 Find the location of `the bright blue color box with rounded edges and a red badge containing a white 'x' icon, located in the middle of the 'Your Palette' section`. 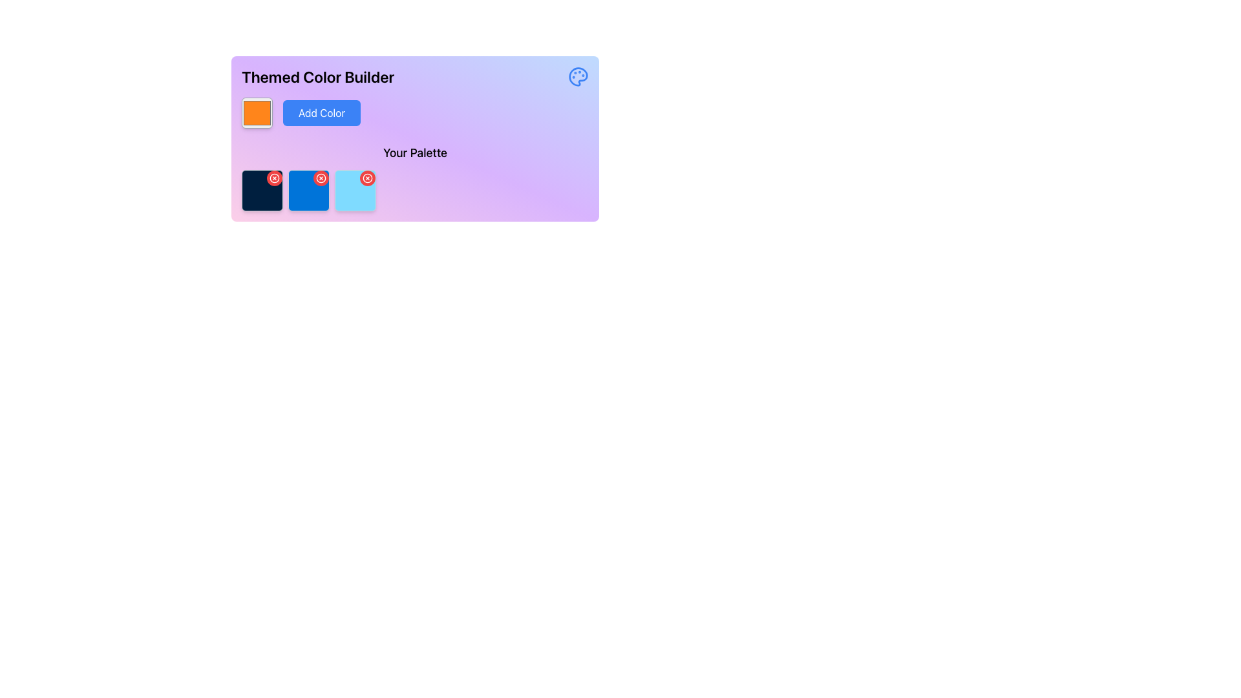

the bright blue color box with rounded edges and a red badge containing a white 'x' icon, located in the middle of the 'Your Palette' section is located at coordinates (308, 190).